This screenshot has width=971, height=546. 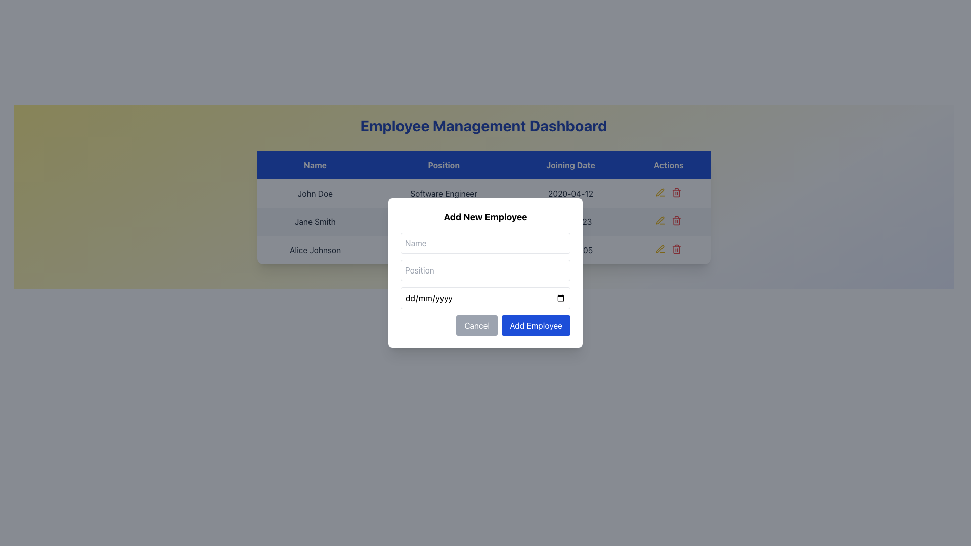 I want to click on the 'Cancel' button, which is a rectangular button with a gray background and white text, located at the bottom-left corner of a modal, so click(x=476, y=326).